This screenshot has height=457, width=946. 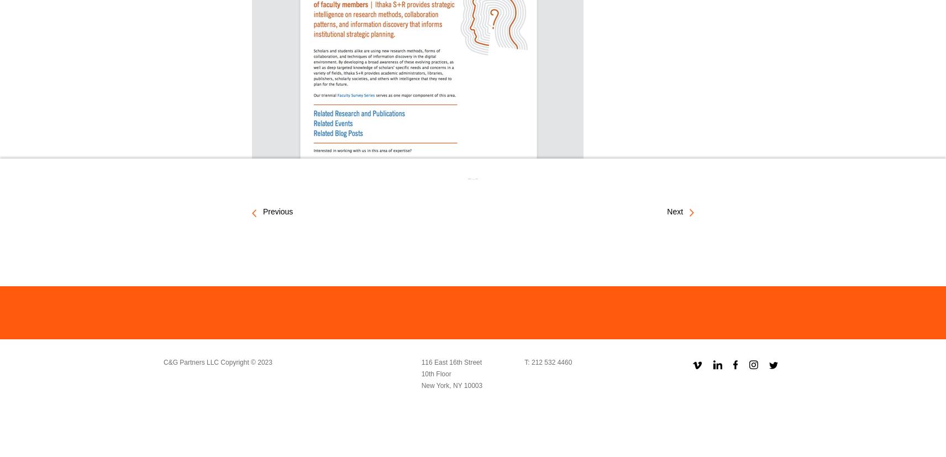 I want to click on 'T: 212 532 4460', so click(x=547, y=362).